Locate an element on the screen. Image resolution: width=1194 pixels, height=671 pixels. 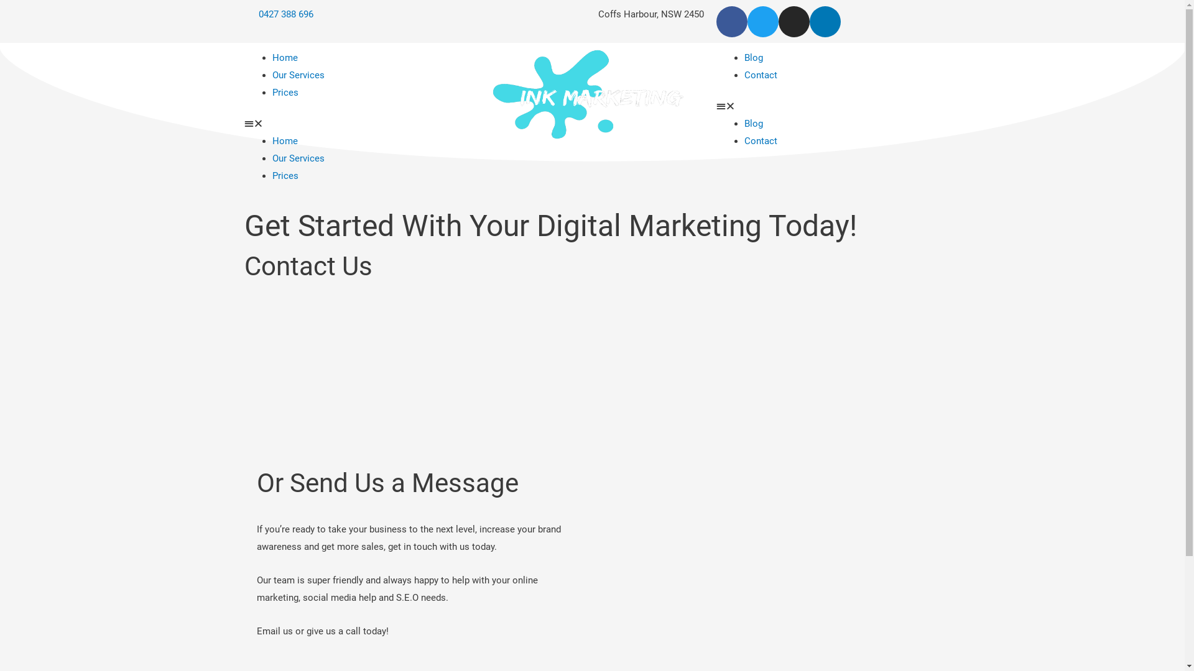
'Home' is located at coordinates (284, 140).